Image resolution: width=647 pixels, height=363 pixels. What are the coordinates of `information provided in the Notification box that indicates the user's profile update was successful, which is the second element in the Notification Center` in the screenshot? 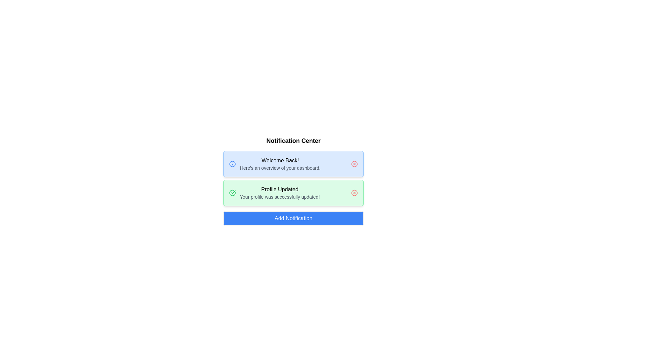 It's located at (293, 193).